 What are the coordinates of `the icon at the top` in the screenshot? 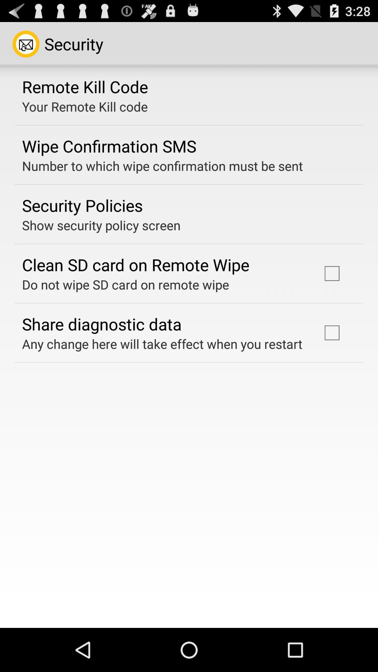 It's located at (162, 166).